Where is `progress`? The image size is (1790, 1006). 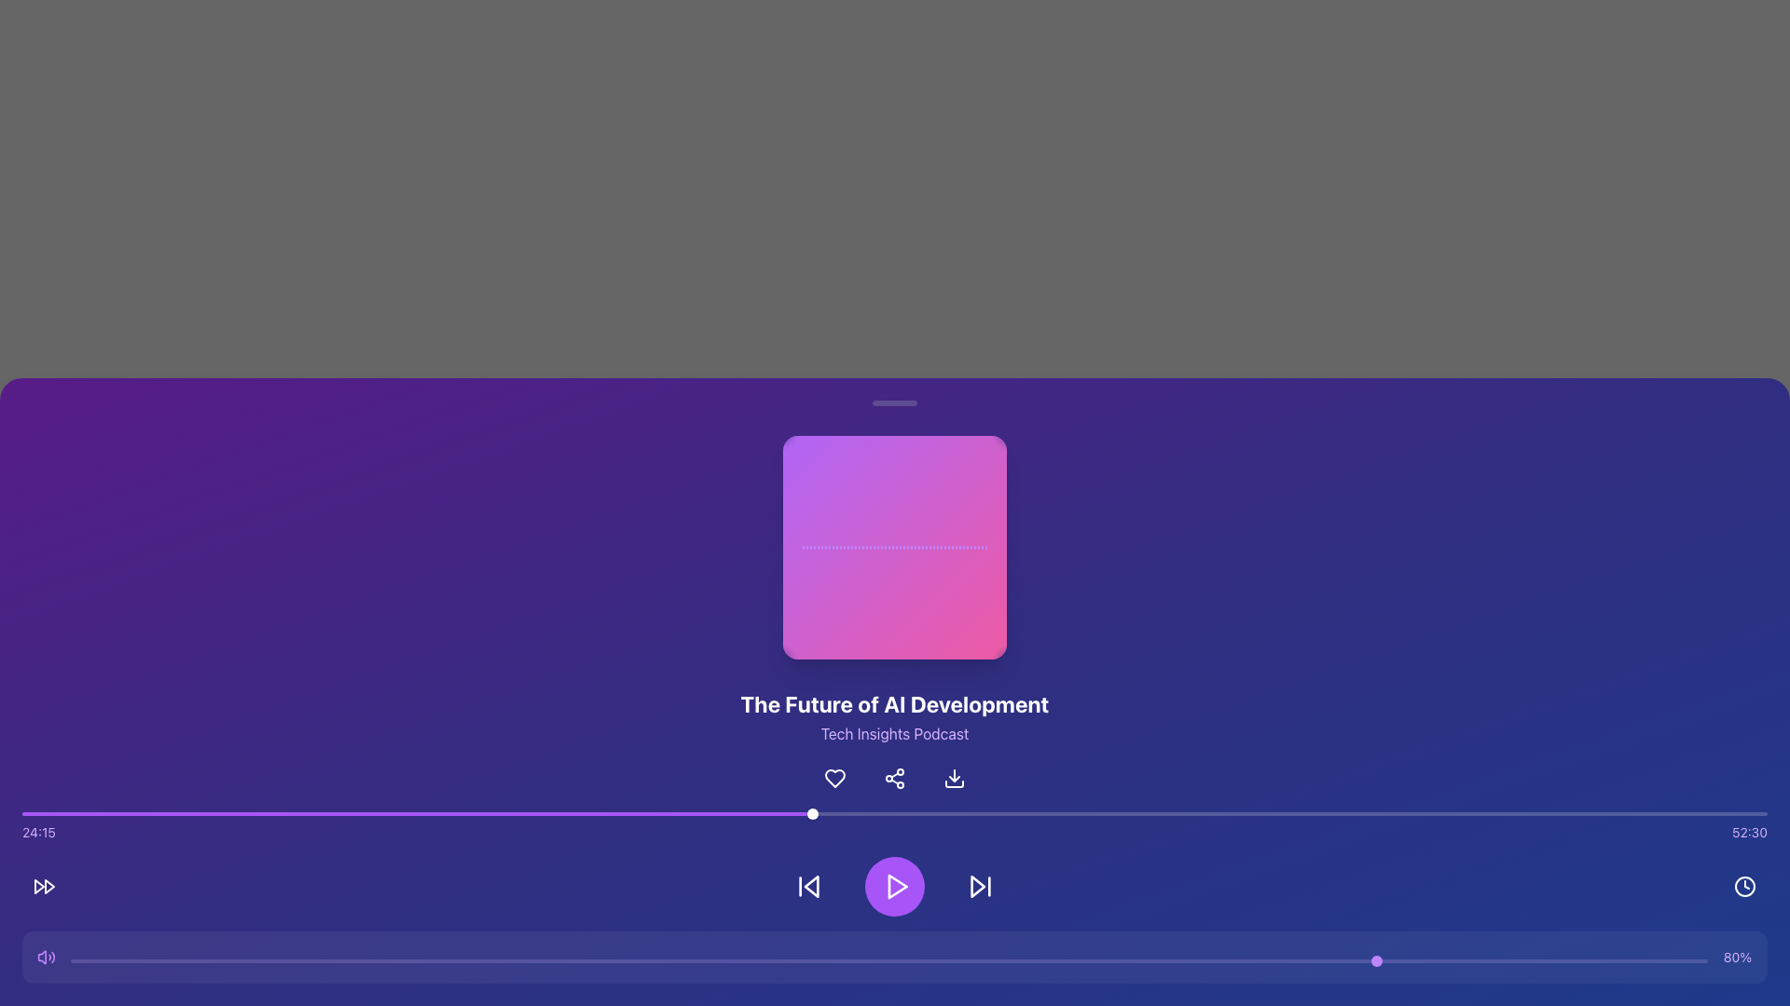
progress is located at coordinates (312, 813).